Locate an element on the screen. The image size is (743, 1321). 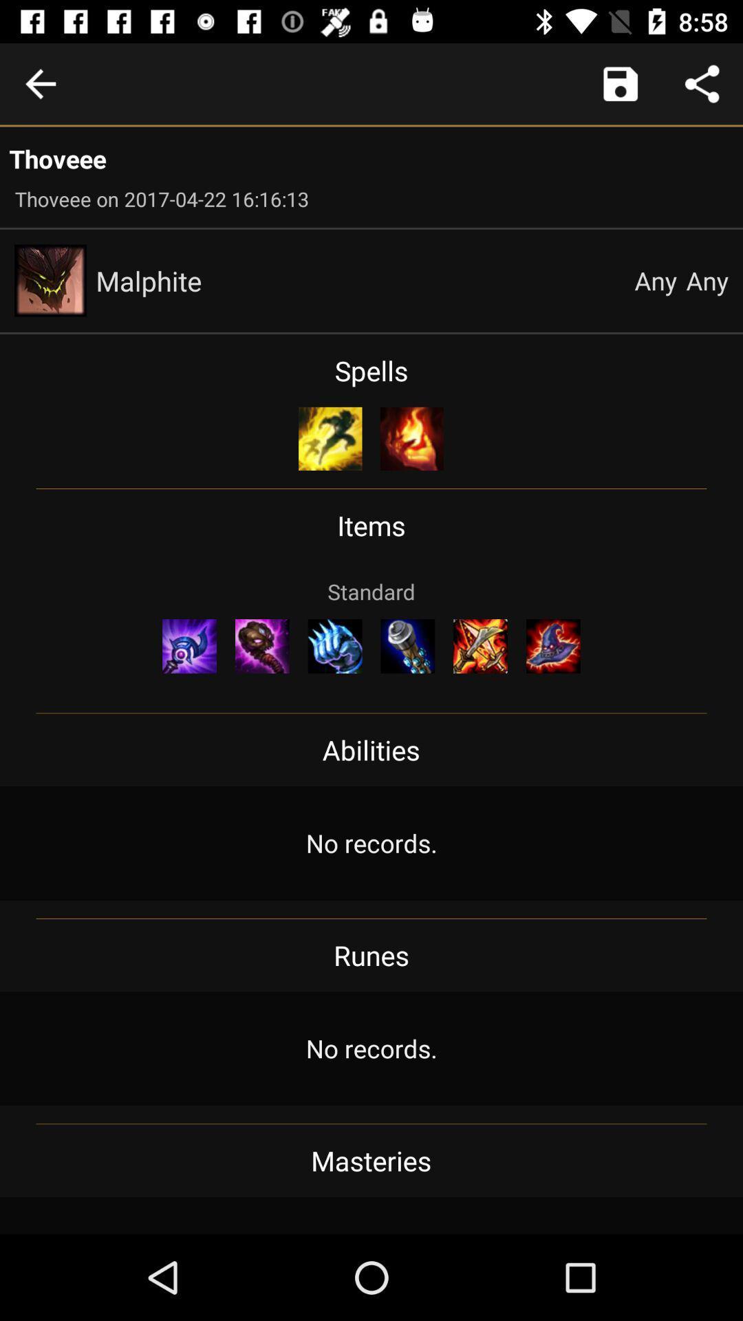
icon below the standard icon is located at coordinates (407, 645).